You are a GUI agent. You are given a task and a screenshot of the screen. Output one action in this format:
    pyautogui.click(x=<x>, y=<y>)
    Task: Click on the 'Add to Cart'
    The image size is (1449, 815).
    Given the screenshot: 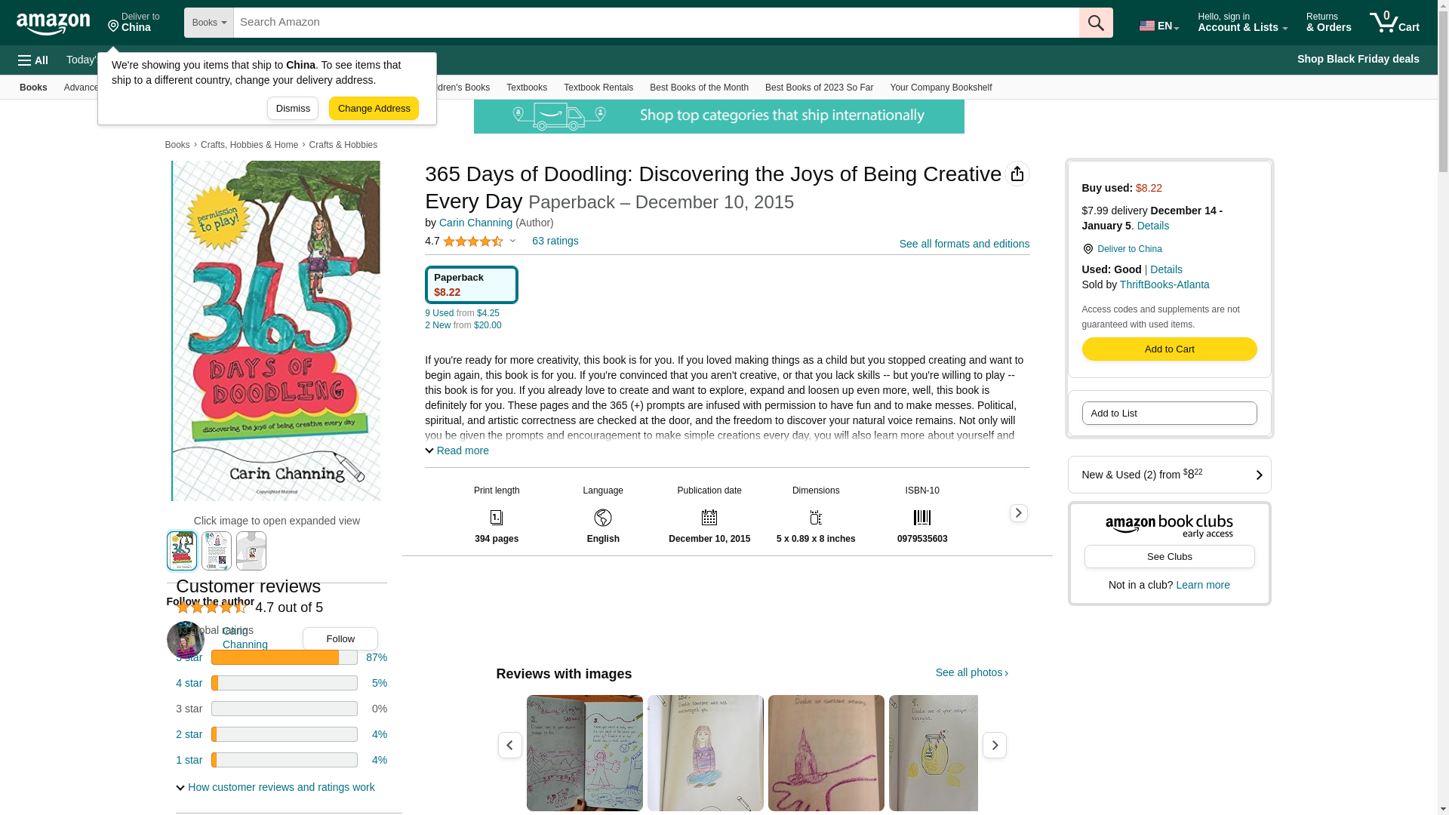 What is the action you would take?
    pyautogui.click(x=1168, y=349)
    